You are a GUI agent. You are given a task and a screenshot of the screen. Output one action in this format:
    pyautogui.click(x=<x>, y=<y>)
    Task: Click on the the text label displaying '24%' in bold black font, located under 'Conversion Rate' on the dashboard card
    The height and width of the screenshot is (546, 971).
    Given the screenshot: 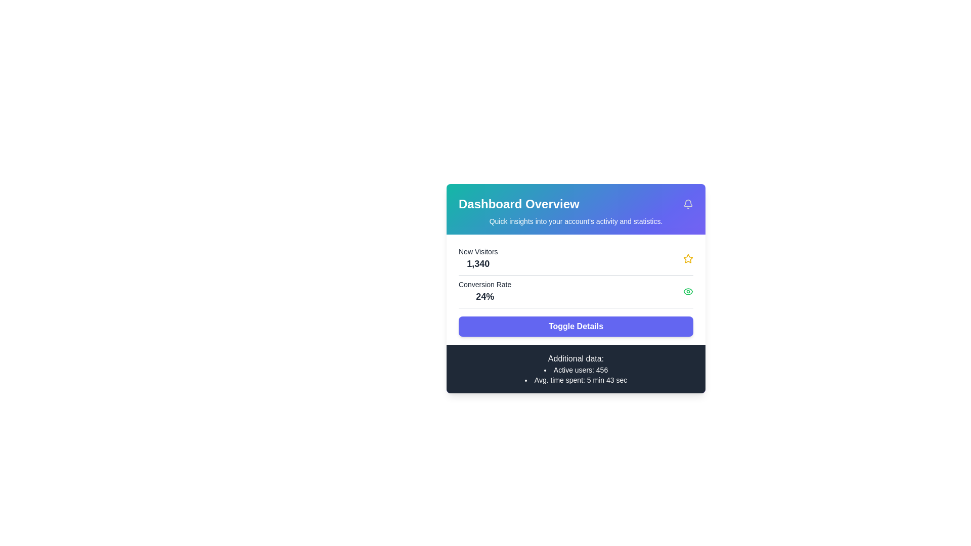 What is the action you would take?
    pyautogui.click(x=484, y=296)
    